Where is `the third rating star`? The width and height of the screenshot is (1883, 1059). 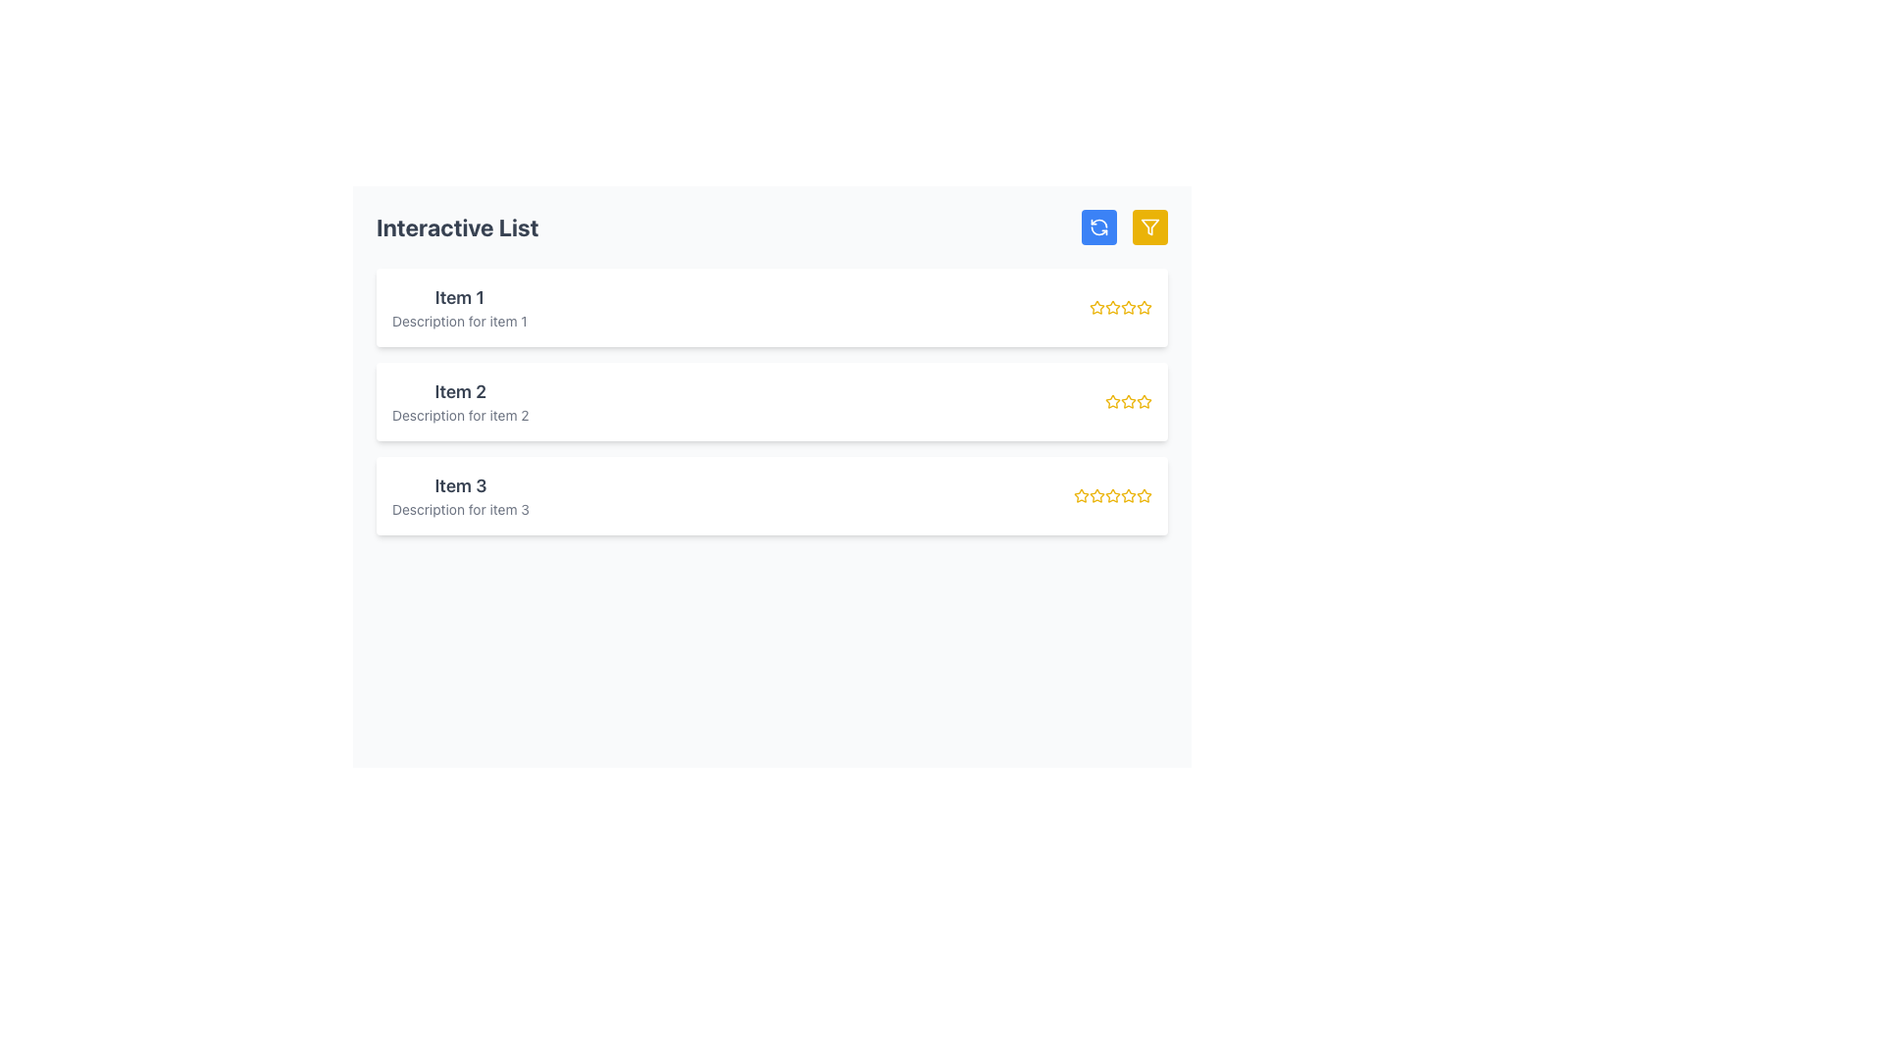
the third rating star is located at coordinates (1129, 400).